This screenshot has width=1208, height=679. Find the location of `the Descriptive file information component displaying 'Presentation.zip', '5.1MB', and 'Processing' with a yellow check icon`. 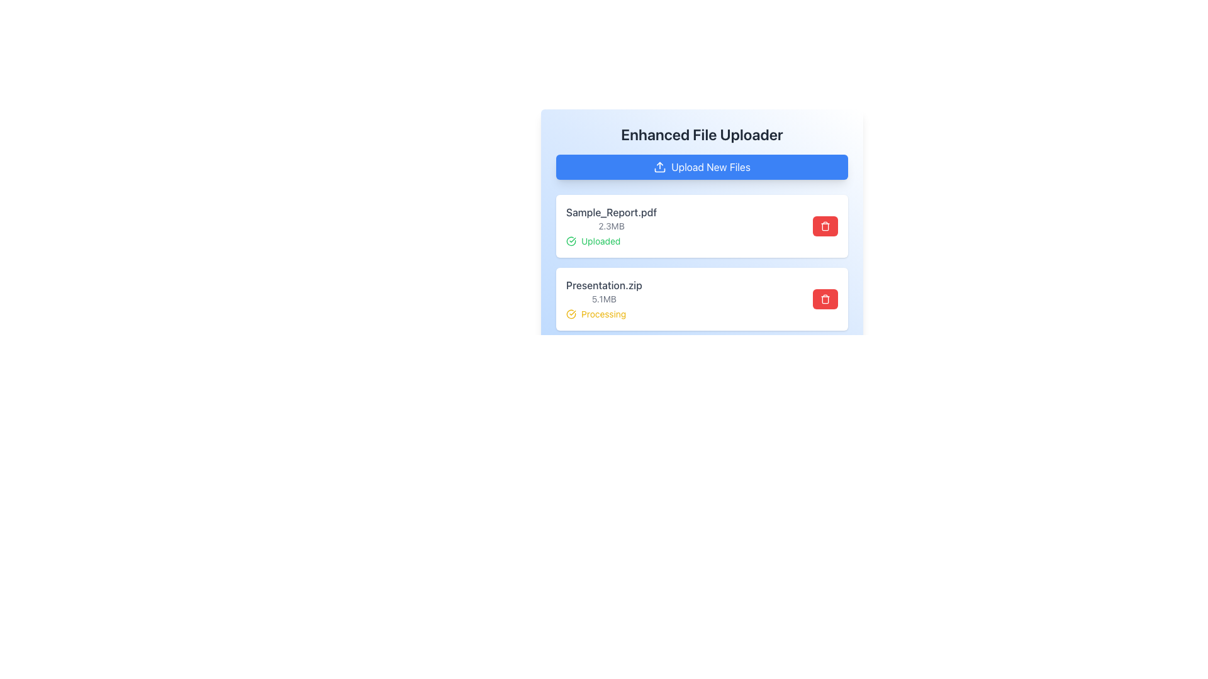

the Descriptive file information component displaying 'Presentation.zip', '5.1MB', and 'Processing' with a yellow check icon is located at coordinates (604, 299).